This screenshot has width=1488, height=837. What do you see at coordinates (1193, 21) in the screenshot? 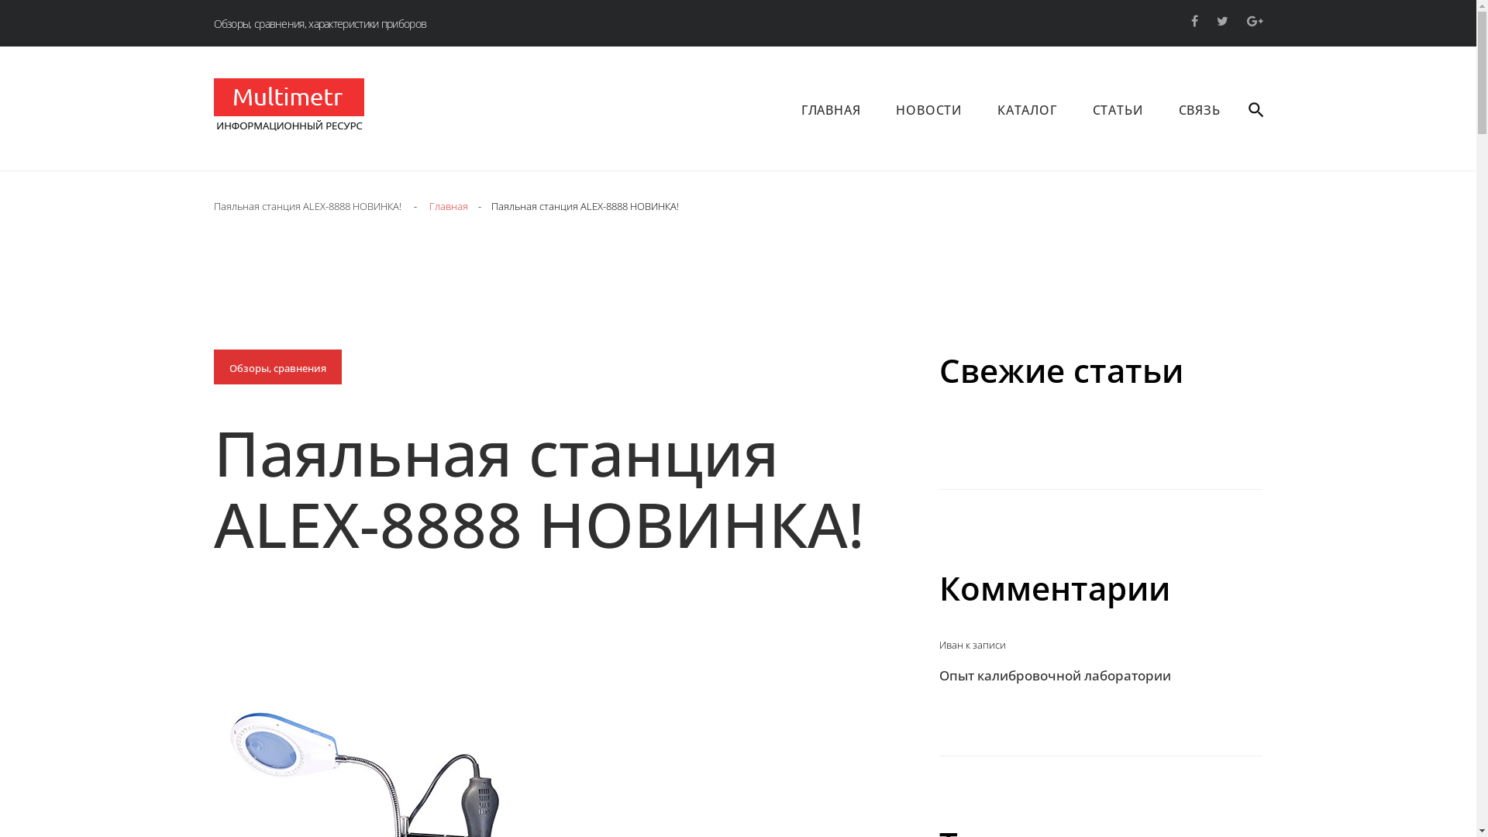
I see `'facebook'` at bounding box center [1193, 21].